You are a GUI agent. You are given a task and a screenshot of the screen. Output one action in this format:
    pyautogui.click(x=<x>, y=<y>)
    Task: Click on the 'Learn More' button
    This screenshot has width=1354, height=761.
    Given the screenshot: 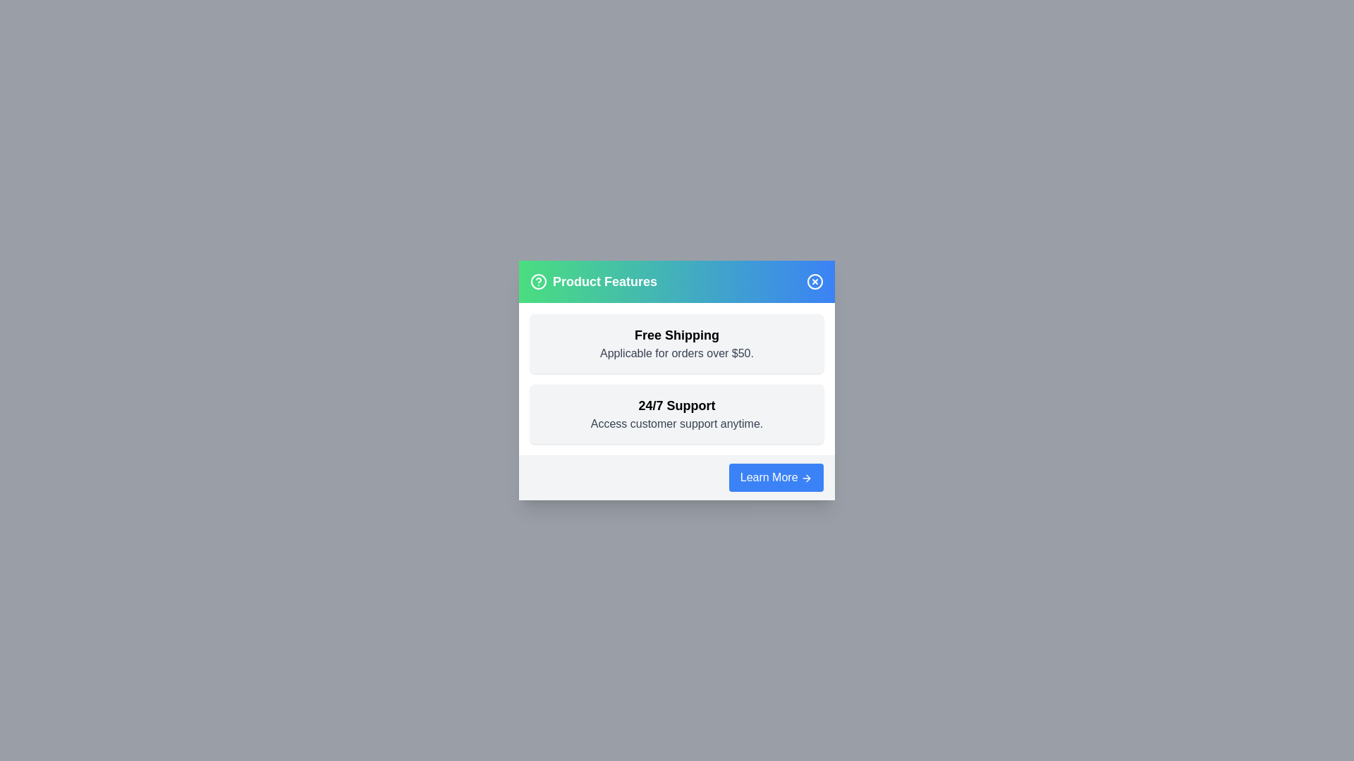 What is the action you would take?
    pyautogui.click(x=774, y=477)
    